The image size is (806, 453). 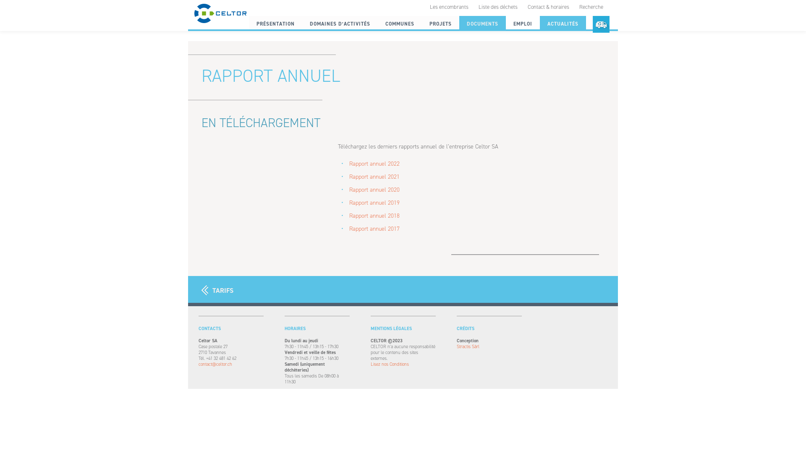 What do you see at coordinates (591, 7) in the screenshot?
I see `'Recherche'` at bounding box center [591, 7].